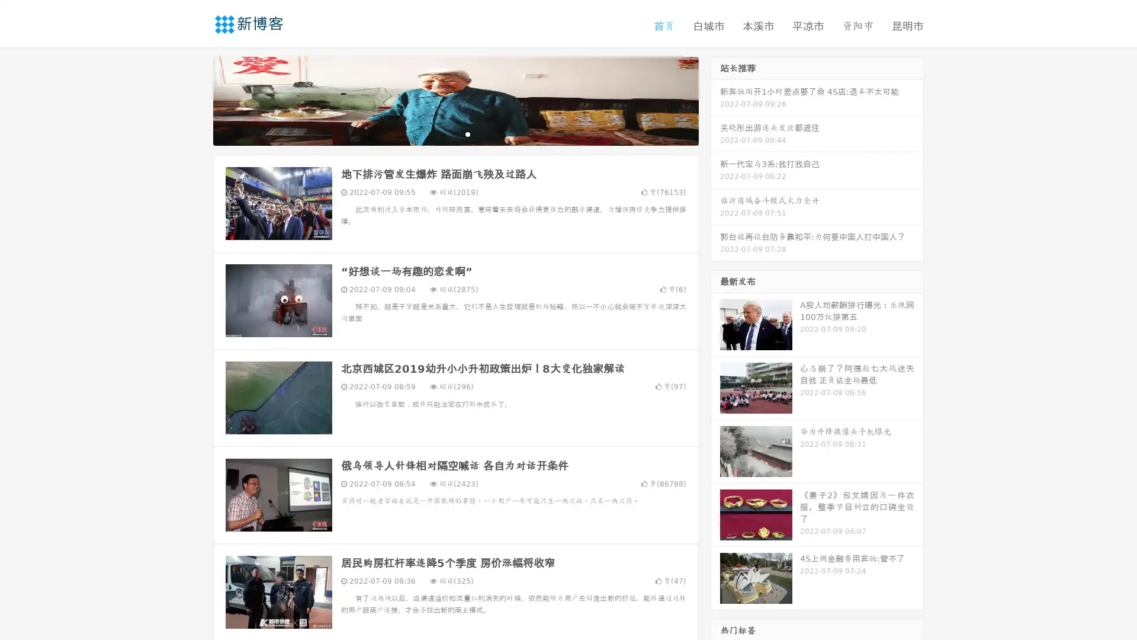 Image resolution: width=1137 pixels, height=640 pixels. I want to click on Next slide, so click(715, 100).